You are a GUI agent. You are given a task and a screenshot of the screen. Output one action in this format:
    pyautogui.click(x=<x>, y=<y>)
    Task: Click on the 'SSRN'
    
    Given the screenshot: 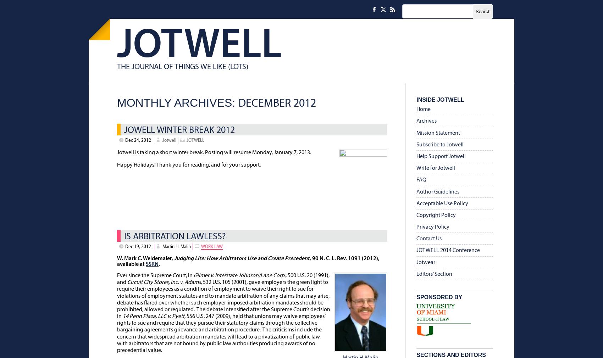 What is the action you would take?
    pyautogui.click(x=145, y=263)
    